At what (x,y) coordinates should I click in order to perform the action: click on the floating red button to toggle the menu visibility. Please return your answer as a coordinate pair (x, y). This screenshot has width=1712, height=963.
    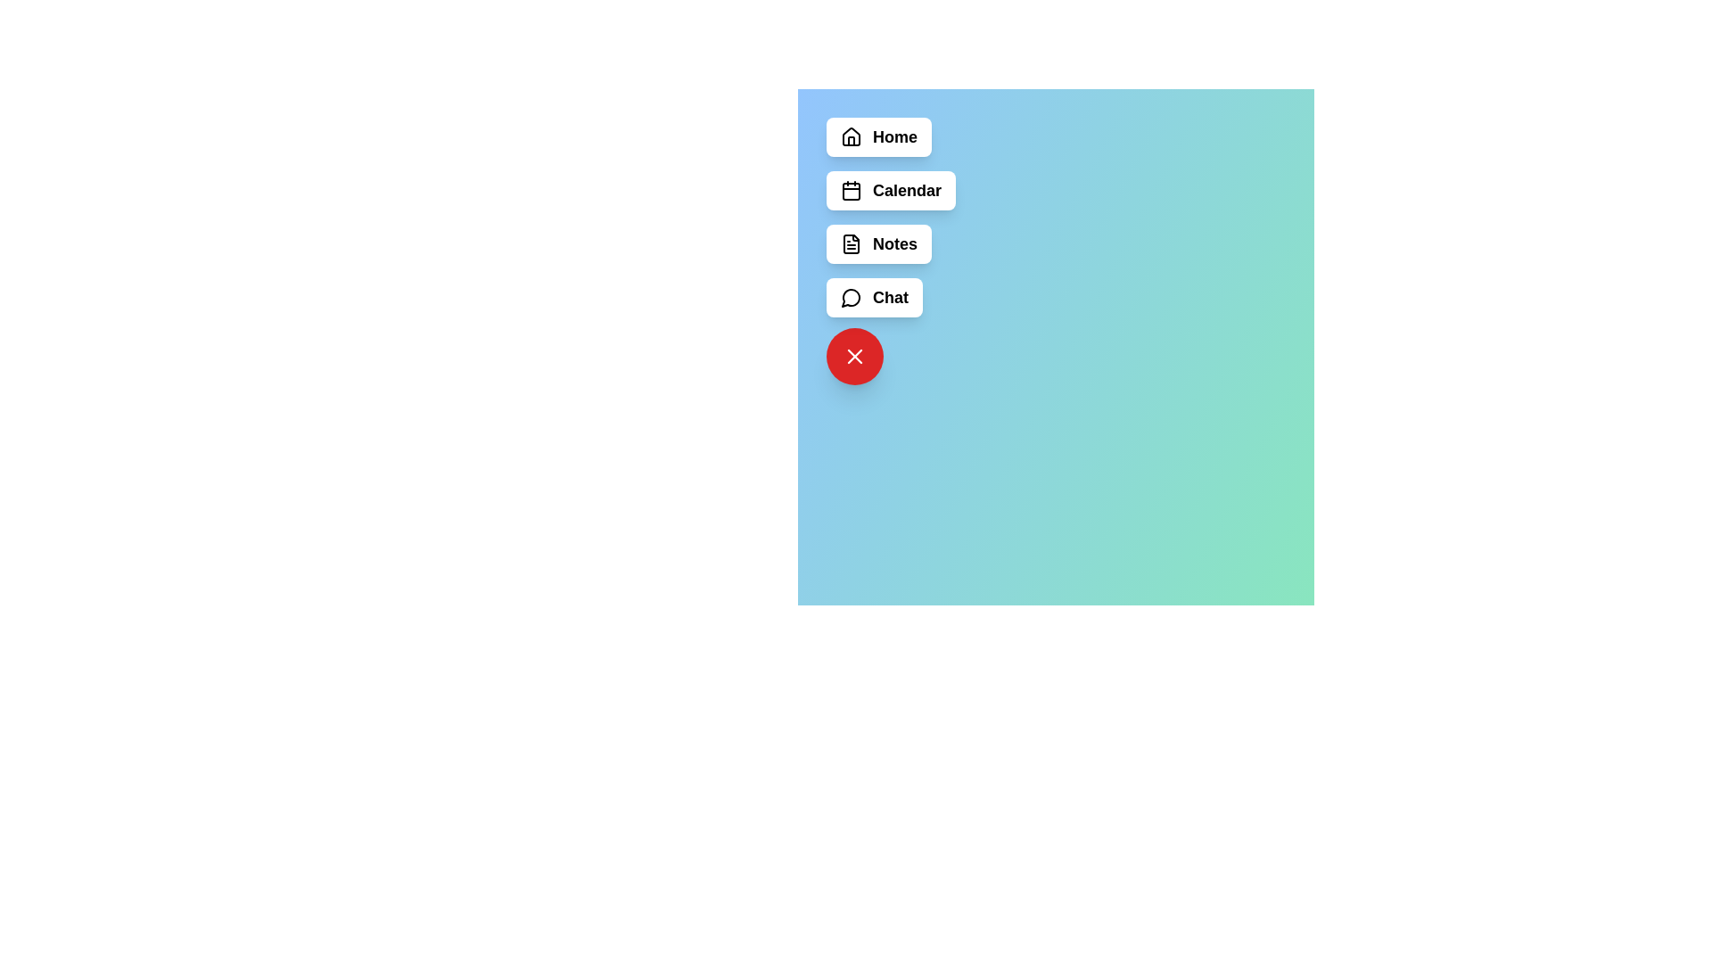
    Looking at the image, I should click on (854, 357).